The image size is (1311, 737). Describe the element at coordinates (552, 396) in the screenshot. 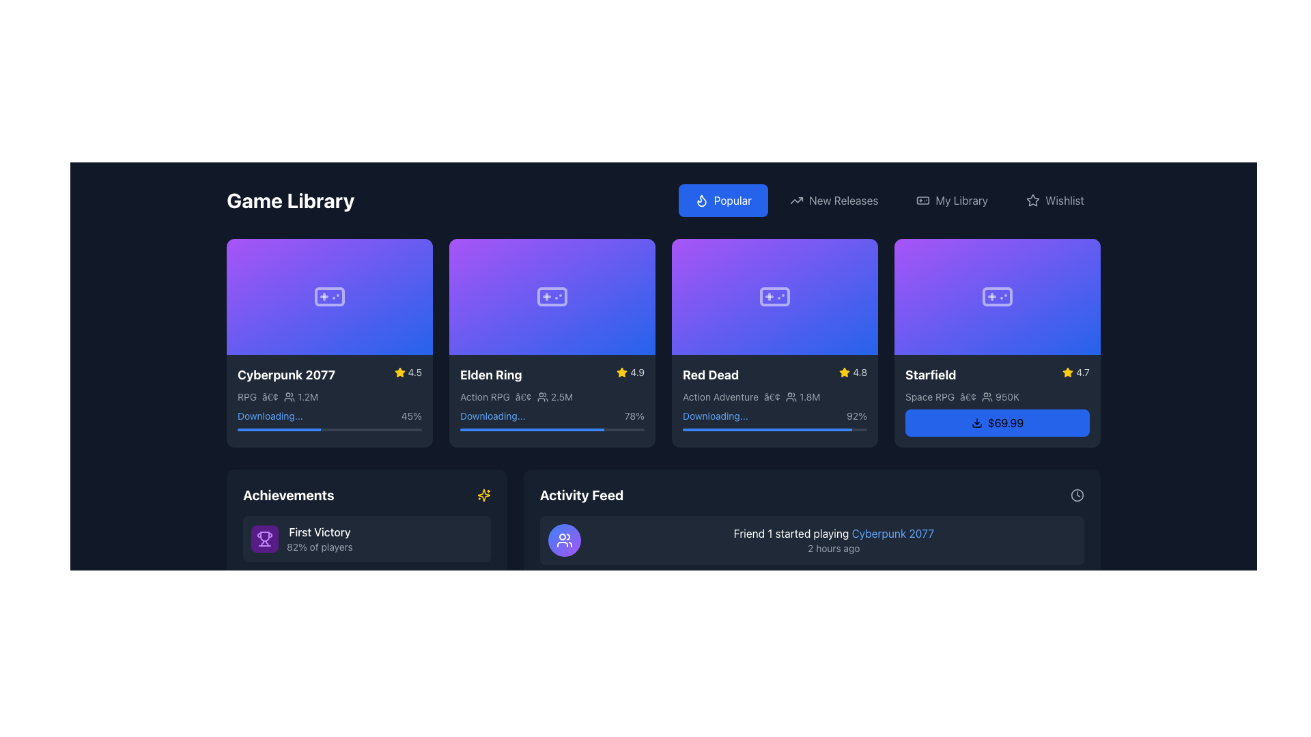

I see `text display with icon that informs users about the genre of the game 'Elden Ring' and its user statistics, located below the game's rating and title` at that location.